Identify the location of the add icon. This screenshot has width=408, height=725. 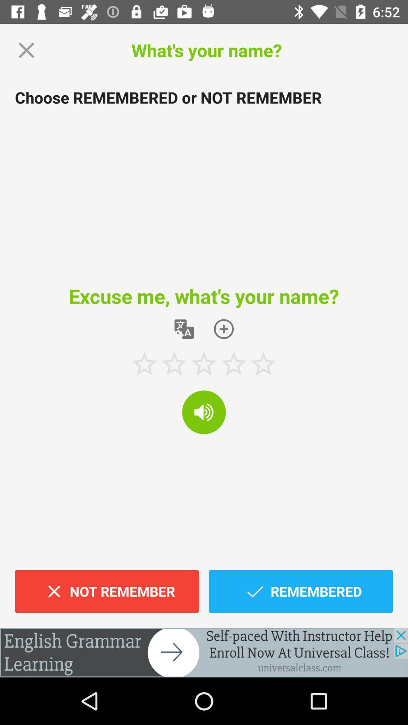
(223, 329).